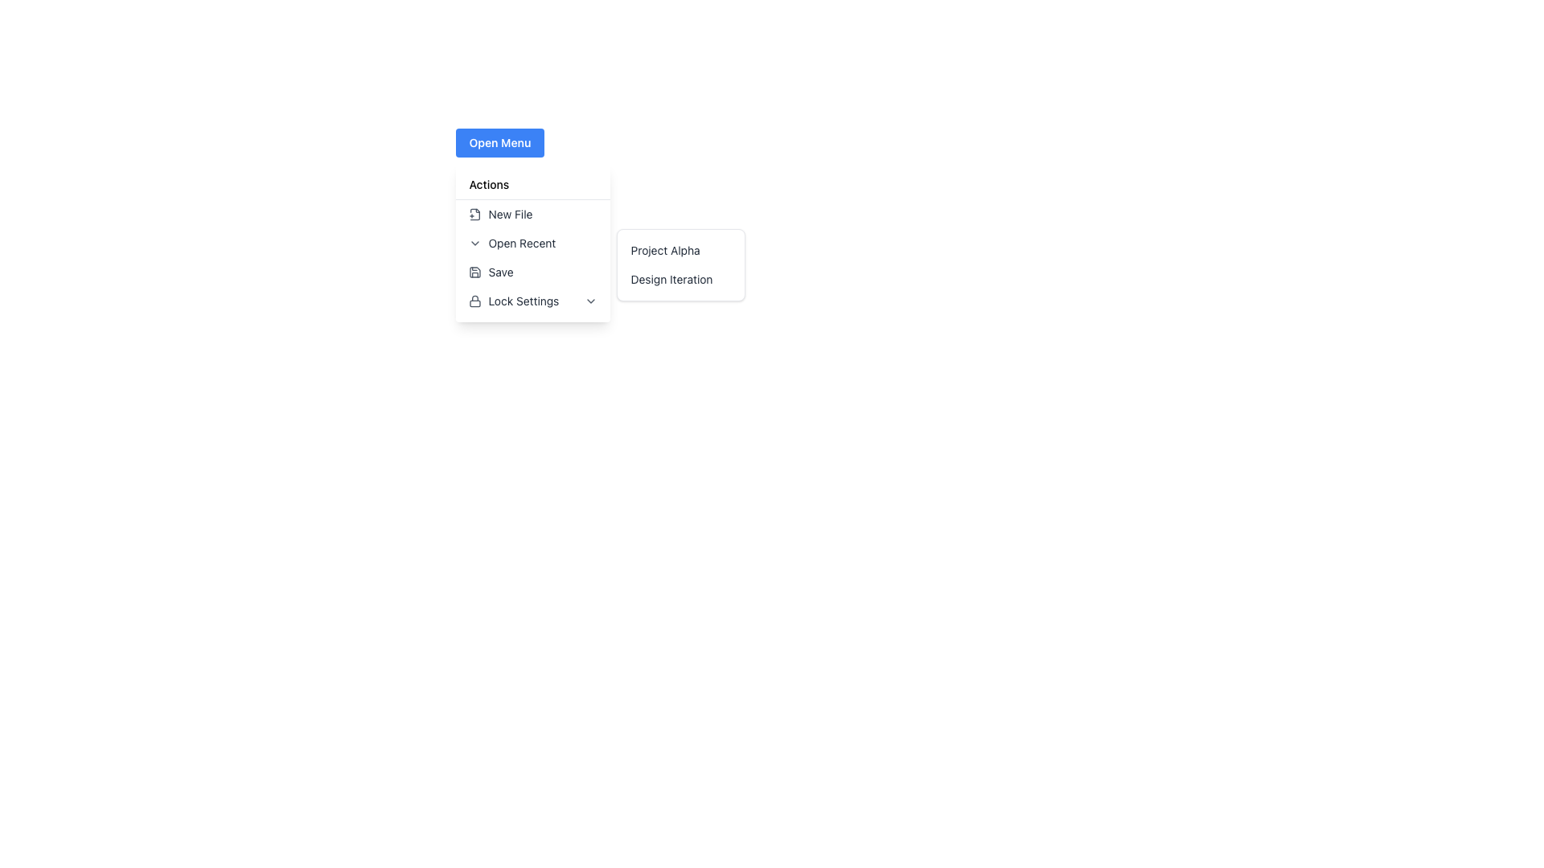  I want to click on the second menu item in the 'Actions' dropdown to create a new file, so click(499, 213).